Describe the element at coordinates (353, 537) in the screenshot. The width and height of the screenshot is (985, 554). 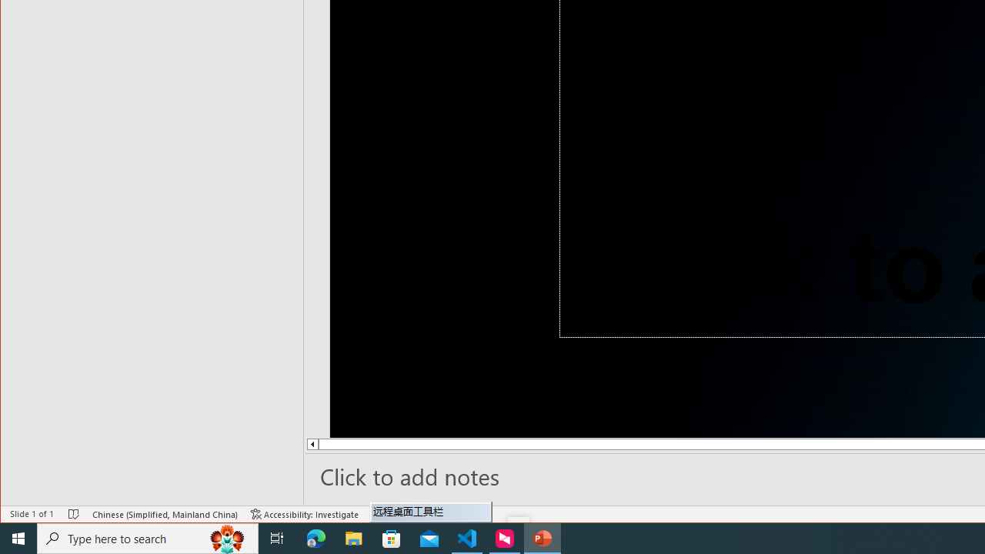
I see `'File Explorer'` at that location.